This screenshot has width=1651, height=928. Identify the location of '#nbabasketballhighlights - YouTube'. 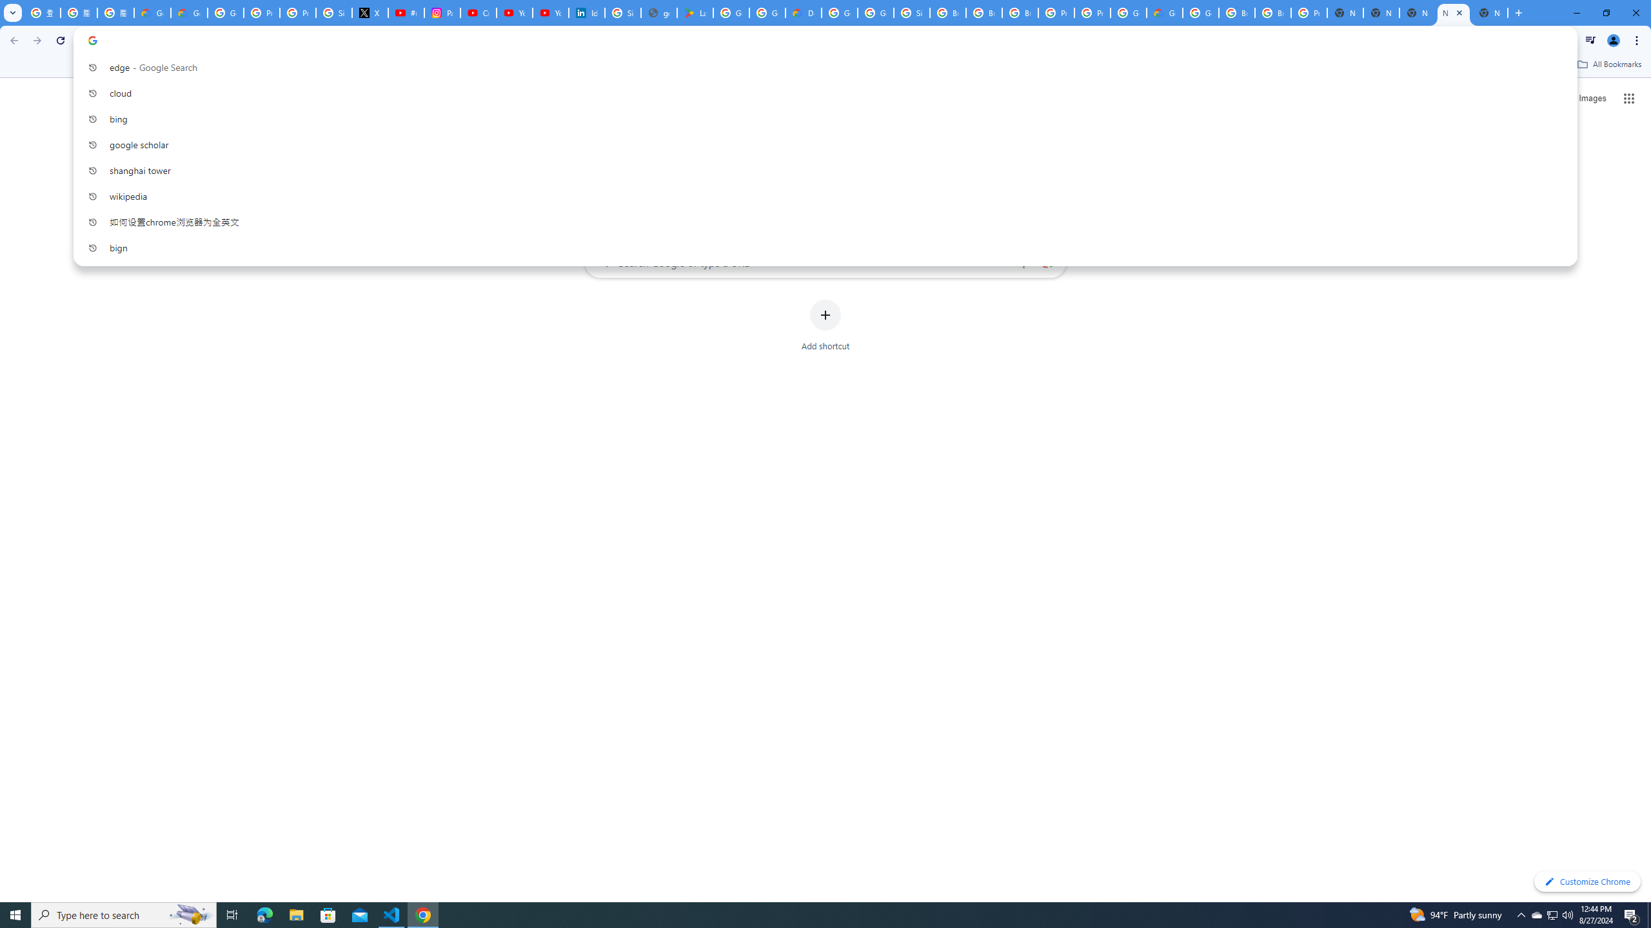
(407, 12).